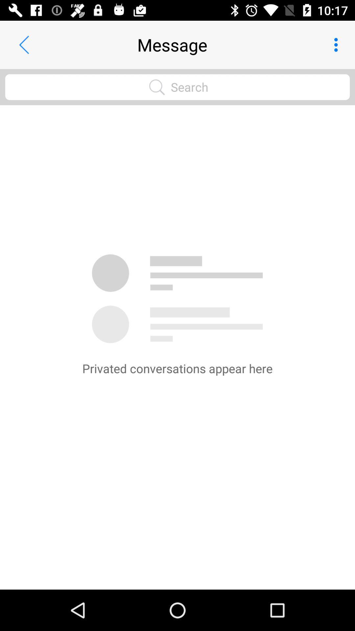 This screenshot has width=355, height=631. Describe the element at coordinates (338, 44) in the screenshot. I see `icon next to the message app` at that location.